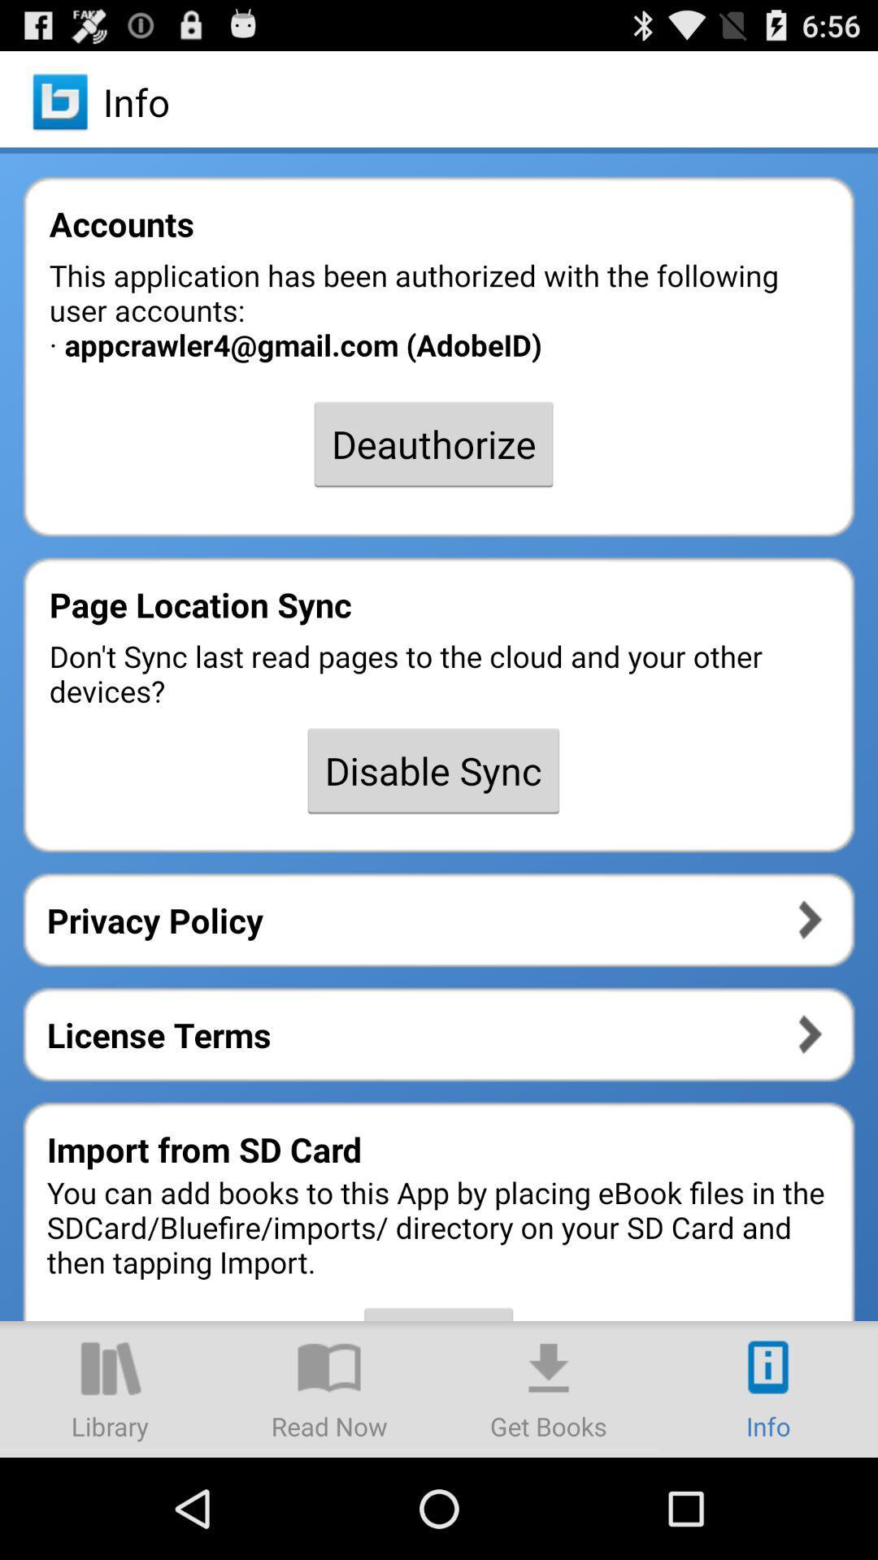 This screenshot has height=1560, width=878. Describe the element at coordinates (768, 1388) in the screenshot. I see `item at the bottom right corner` at that location.